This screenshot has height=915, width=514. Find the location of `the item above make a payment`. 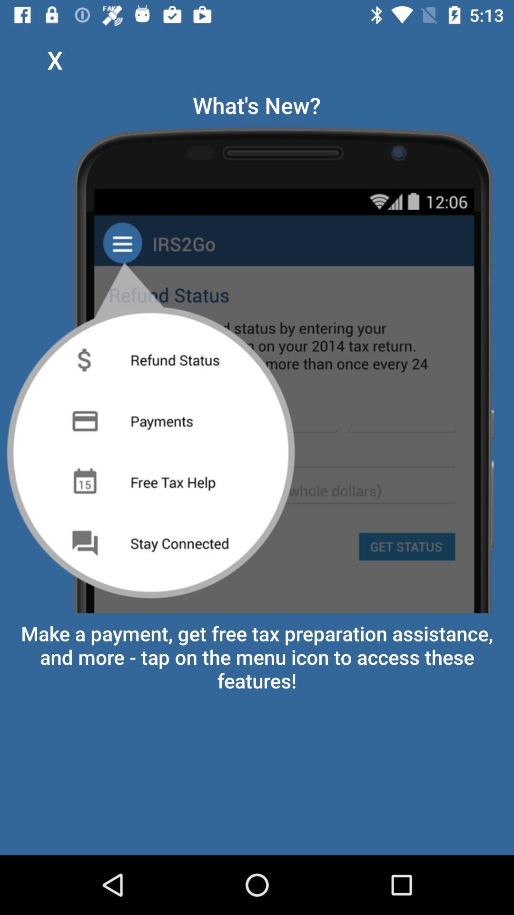

the item above make a payment is located at coordinates (257, 366).